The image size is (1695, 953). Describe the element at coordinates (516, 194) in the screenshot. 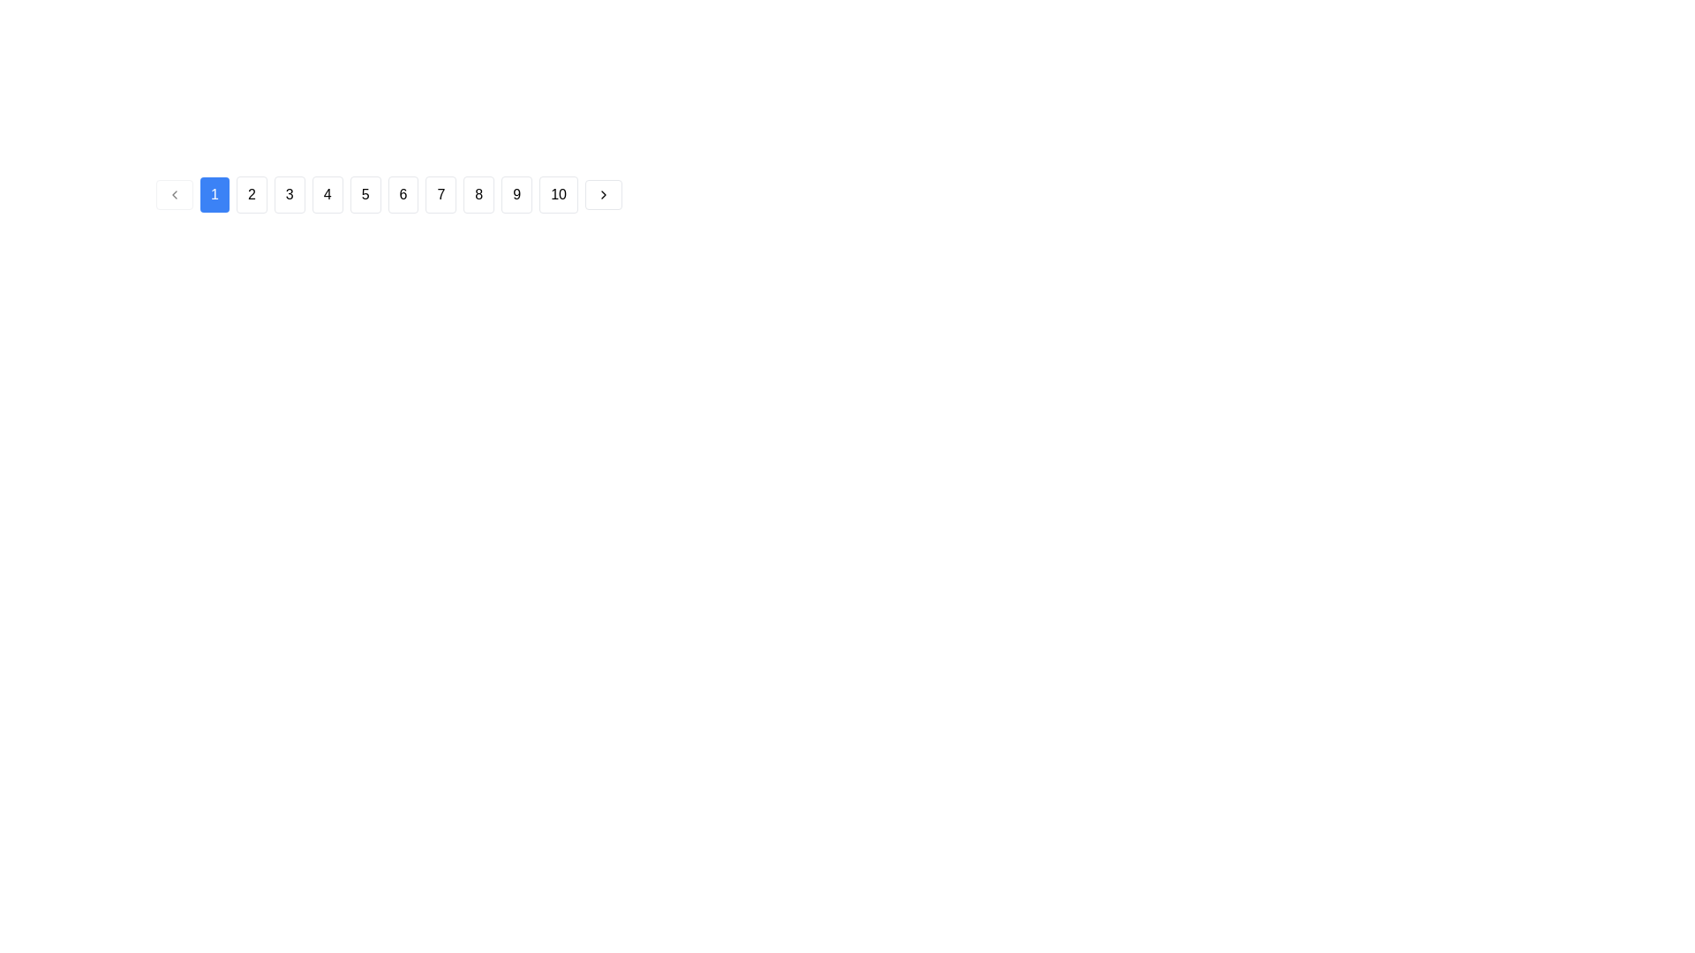

I see `the button labeled '9'` at that location.